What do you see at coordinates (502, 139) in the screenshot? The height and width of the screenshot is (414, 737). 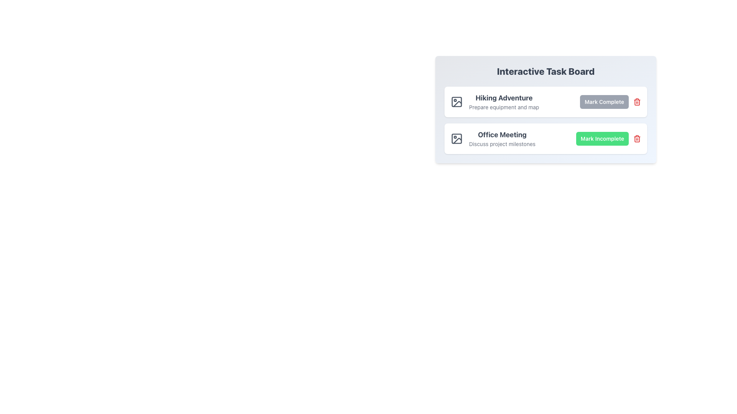 I see `the Text Label titled 'Office Meeting' which describes the task as 'Discuss project milestones'. It is located in the second row of a vertical list within a task board, positioned between a generic image icon and a green button labeled 'Mark Incomplete'` at bounding box center [502, 139].